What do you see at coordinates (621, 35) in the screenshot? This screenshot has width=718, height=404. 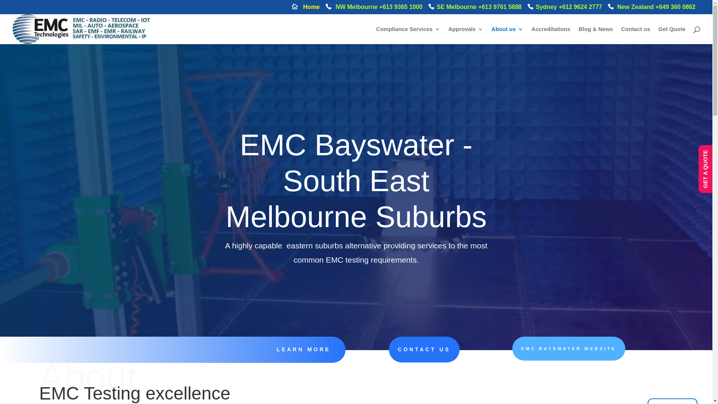 I see `'Contact us'` at bounding box center [621, 35].